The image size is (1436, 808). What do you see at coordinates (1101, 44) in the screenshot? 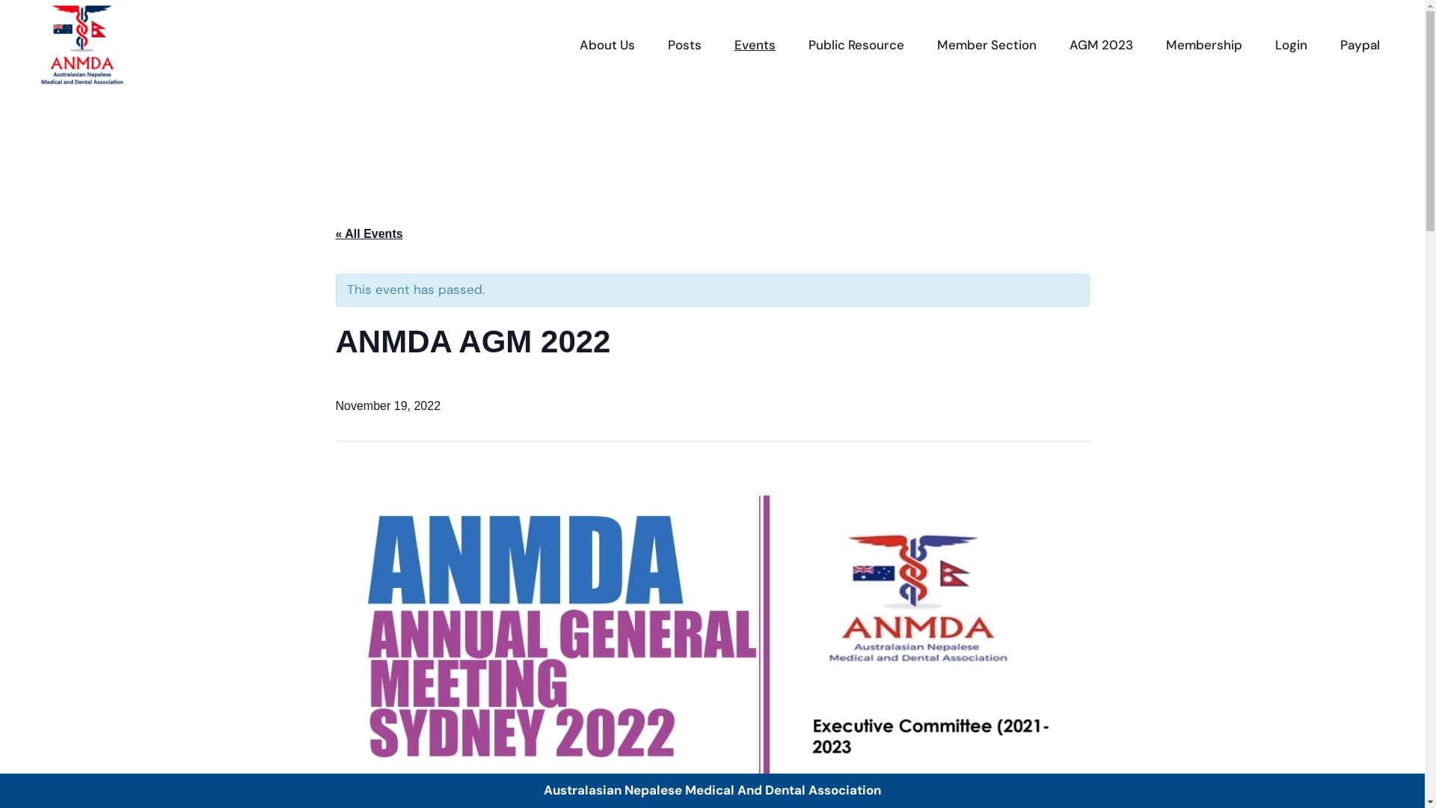
I see `'AGM 2023'` at bounding box center [1101, 44].